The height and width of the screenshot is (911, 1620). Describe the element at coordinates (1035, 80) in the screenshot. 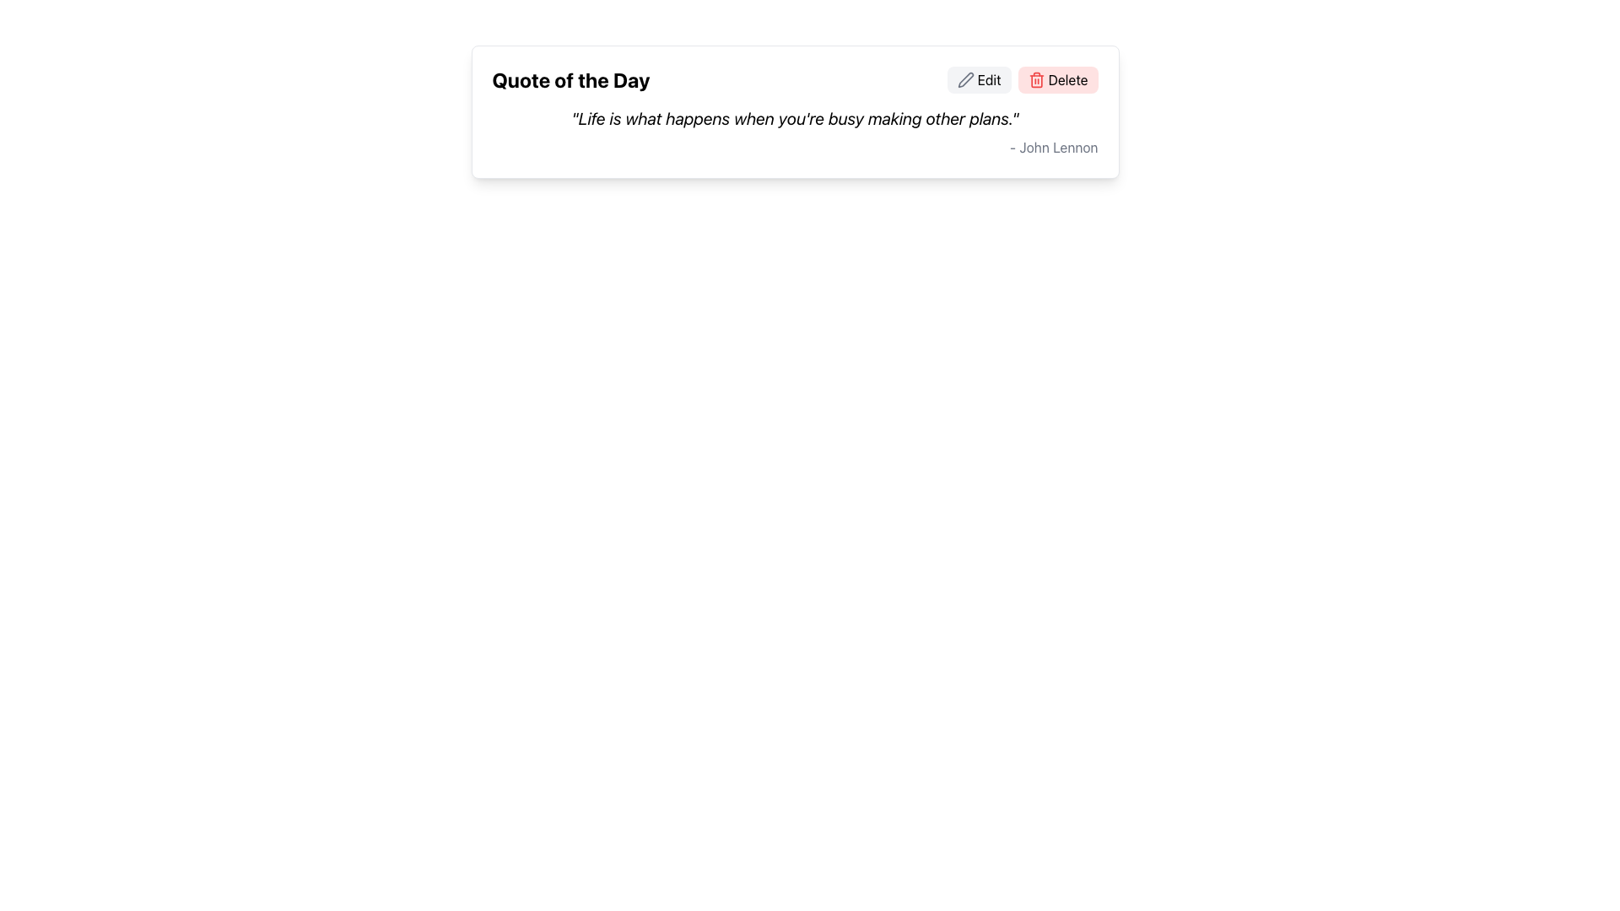

I see `the deletion icon located inside the red-highlighted 'Delete' button, which is positioned to the right of the 'Edit' button in the horizontal control panel` at that location.